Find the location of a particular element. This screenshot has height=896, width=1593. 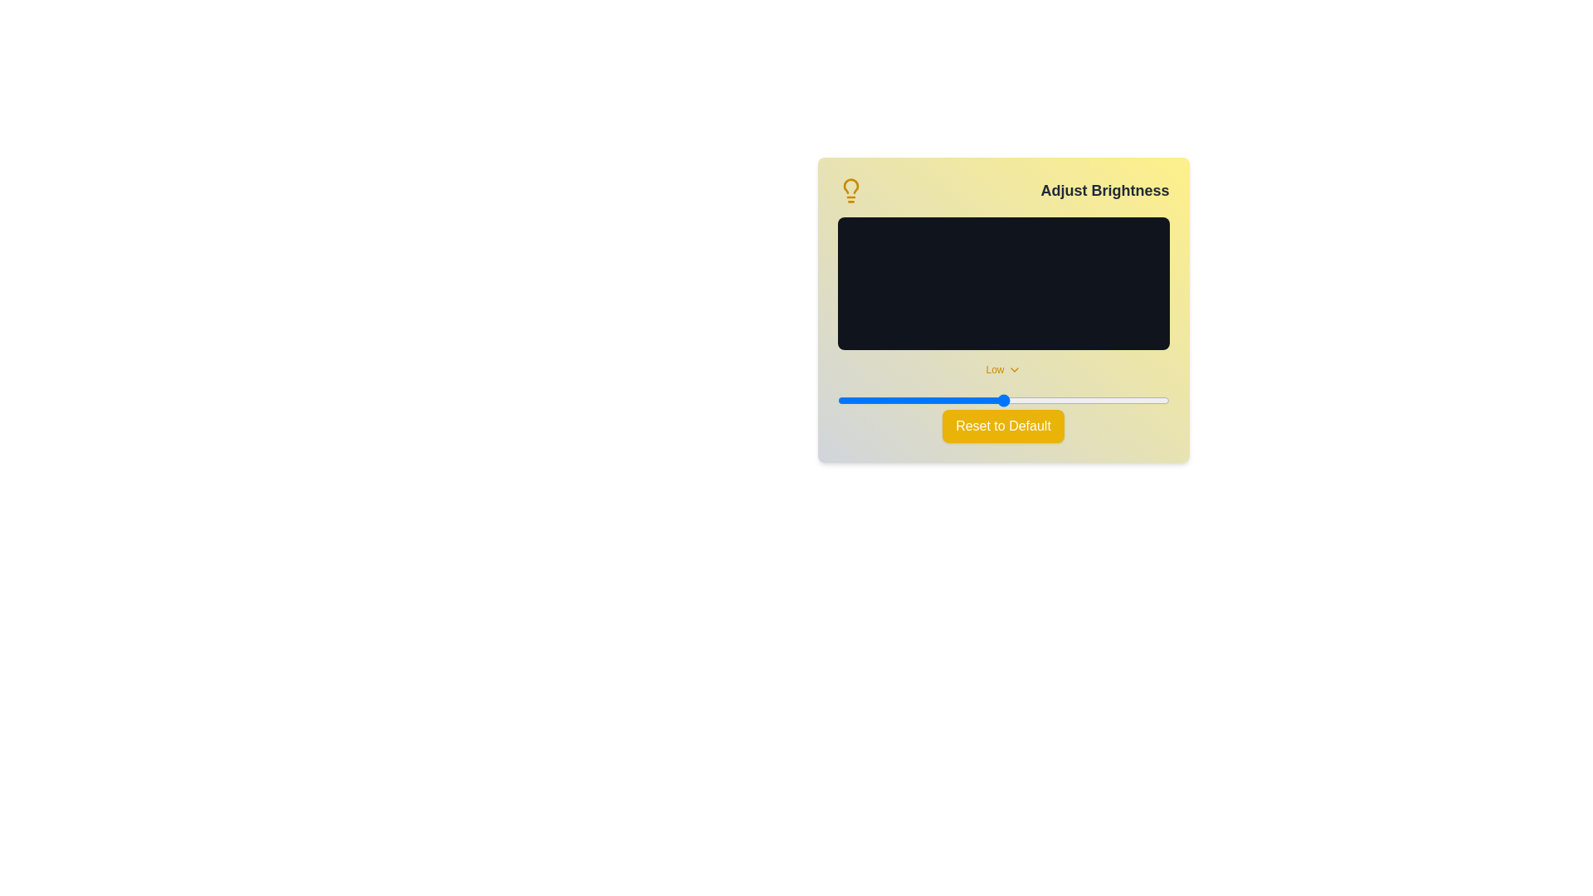

the brightness slider to 78 percent is located at coordinates (1096, 400).